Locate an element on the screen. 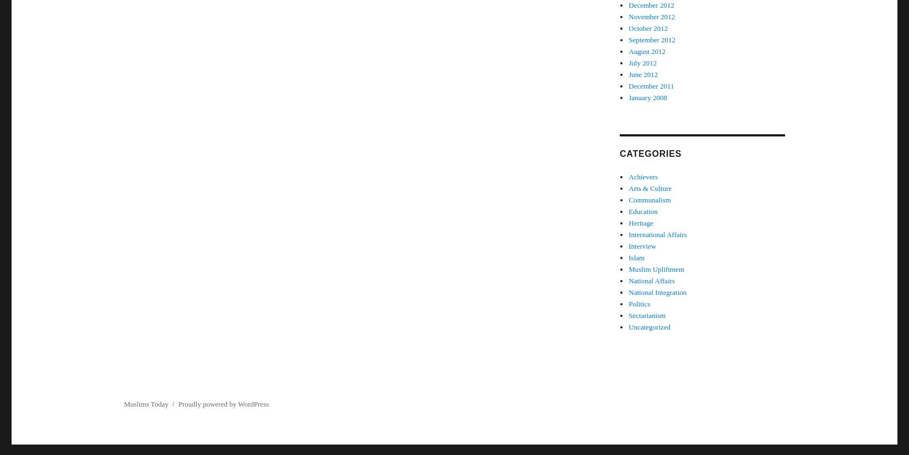 Image resolution: width=909 pixels, height=455 pixels. 'Muslims Today' is located at coordinates (145, 403).